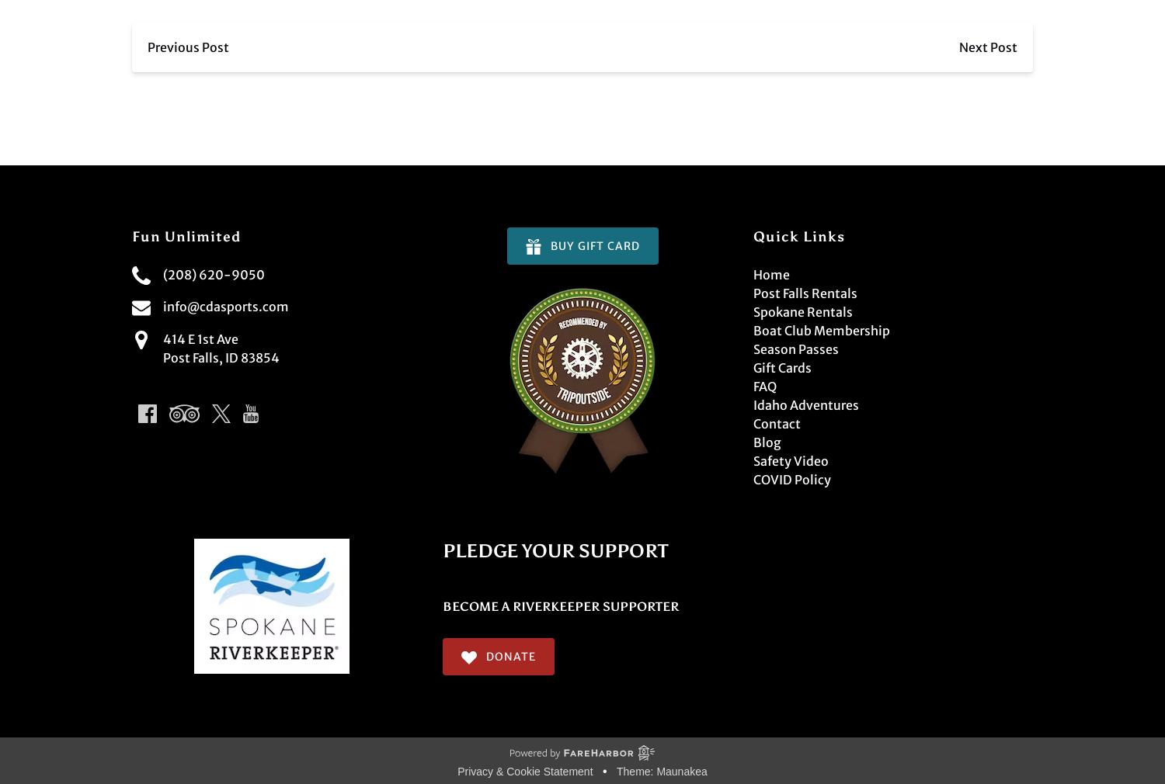  I want to click on 'BECOME A RIVERKEEPER SUPPORTER', so click(442, 606).